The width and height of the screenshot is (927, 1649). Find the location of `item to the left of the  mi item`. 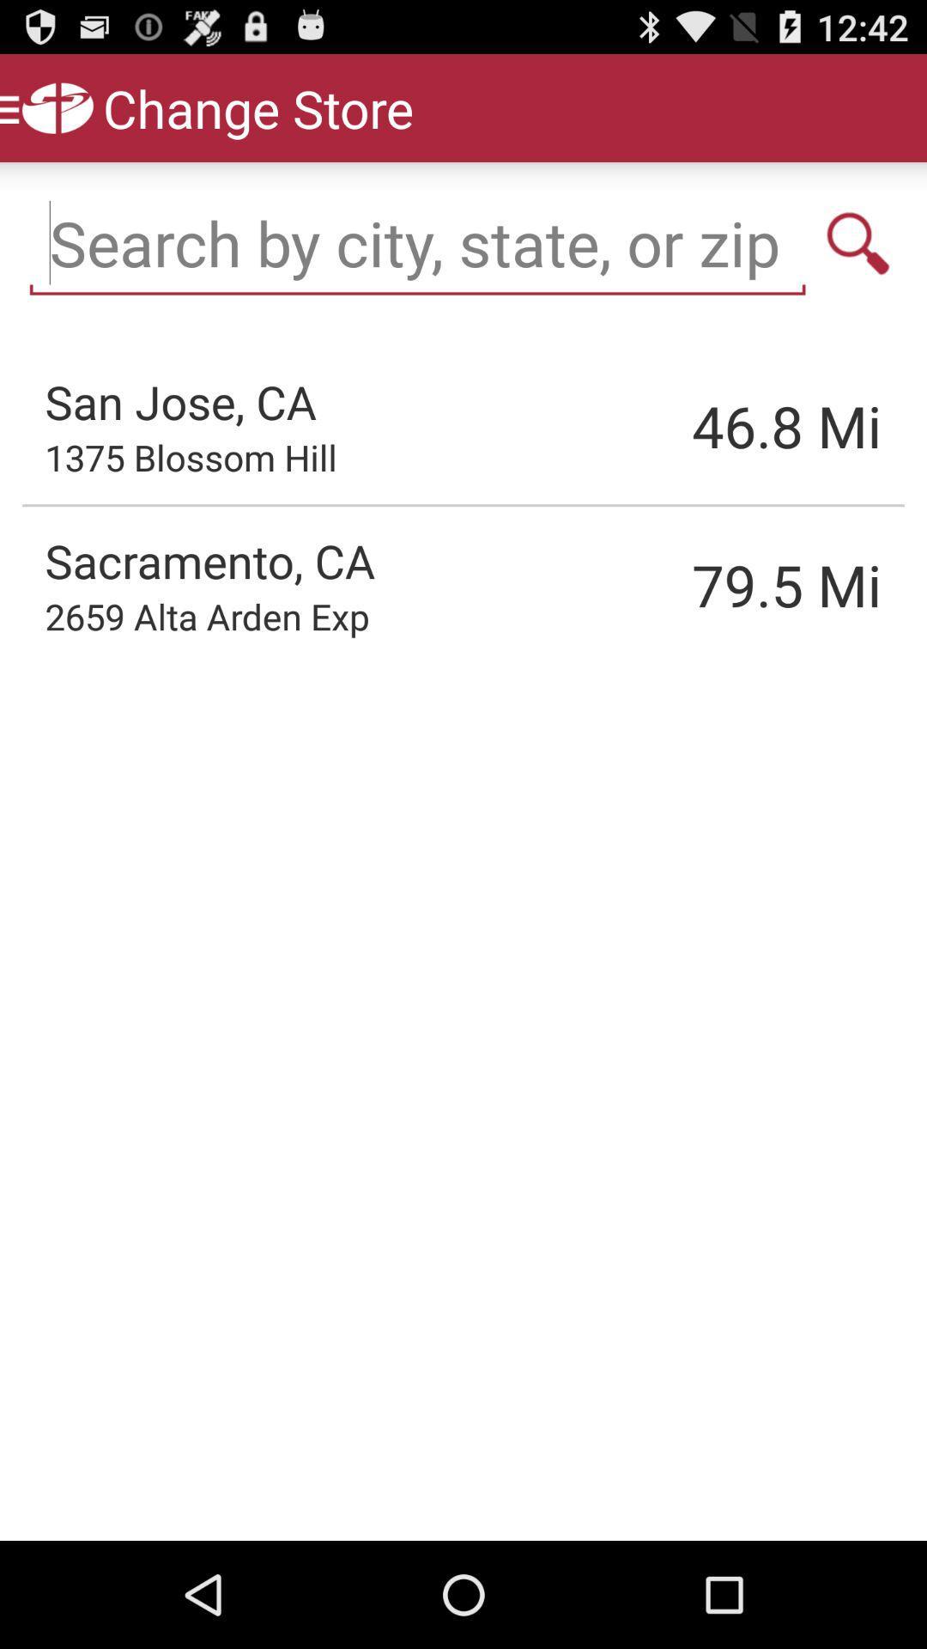

item to the left of the  mi item is located at coordinates (700, 426).